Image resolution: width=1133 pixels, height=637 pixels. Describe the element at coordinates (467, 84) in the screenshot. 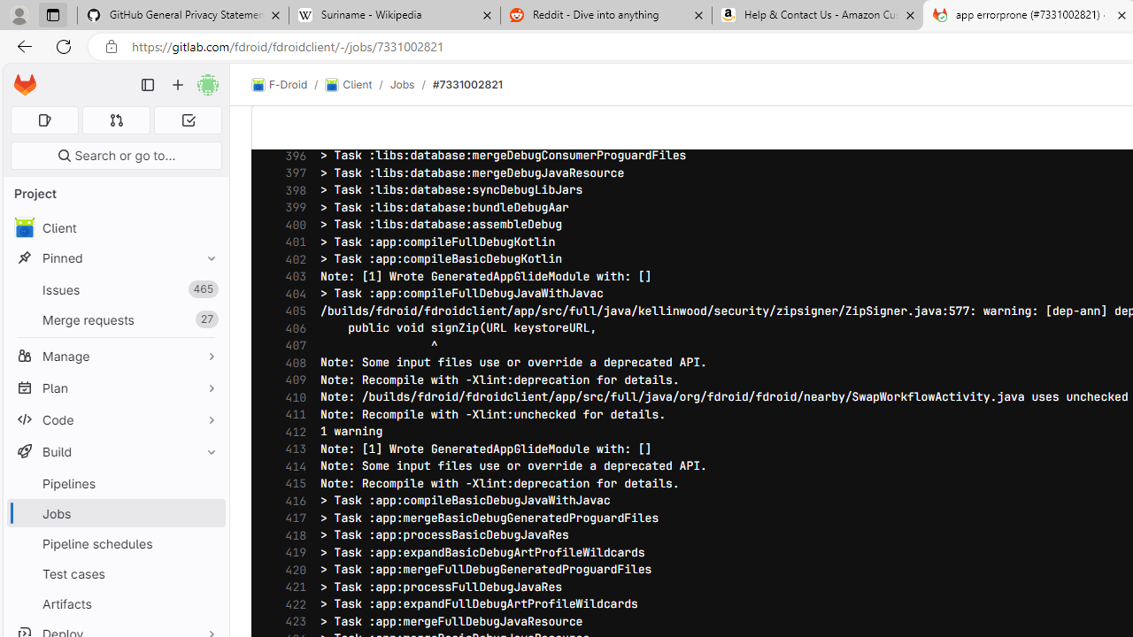

I see `'#7331002821'` at that location.